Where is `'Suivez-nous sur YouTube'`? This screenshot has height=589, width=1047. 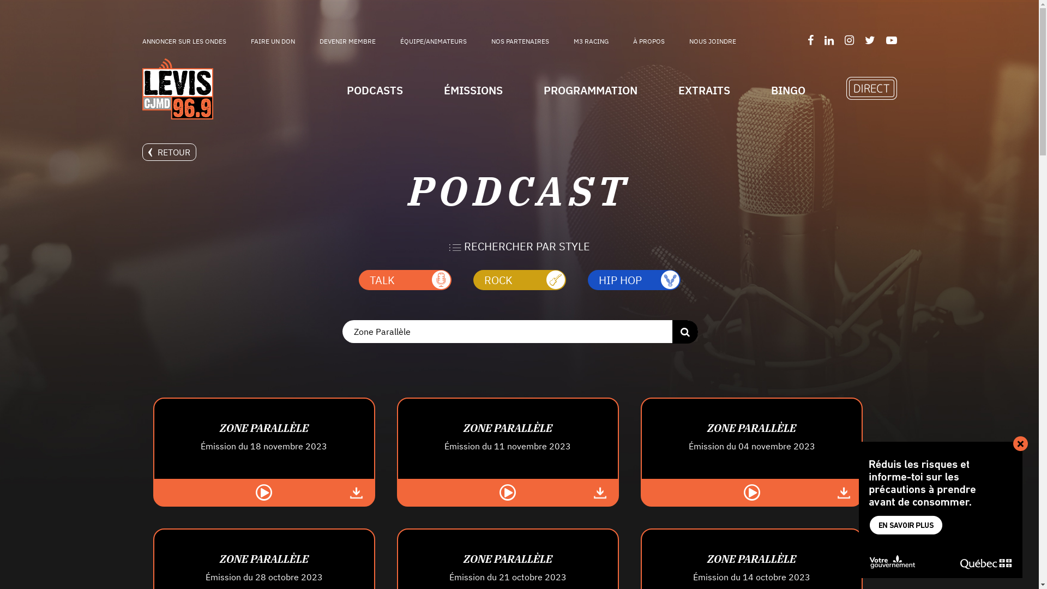
'Suivez-nous sur YouTube' is located at coordinates (890, 39).